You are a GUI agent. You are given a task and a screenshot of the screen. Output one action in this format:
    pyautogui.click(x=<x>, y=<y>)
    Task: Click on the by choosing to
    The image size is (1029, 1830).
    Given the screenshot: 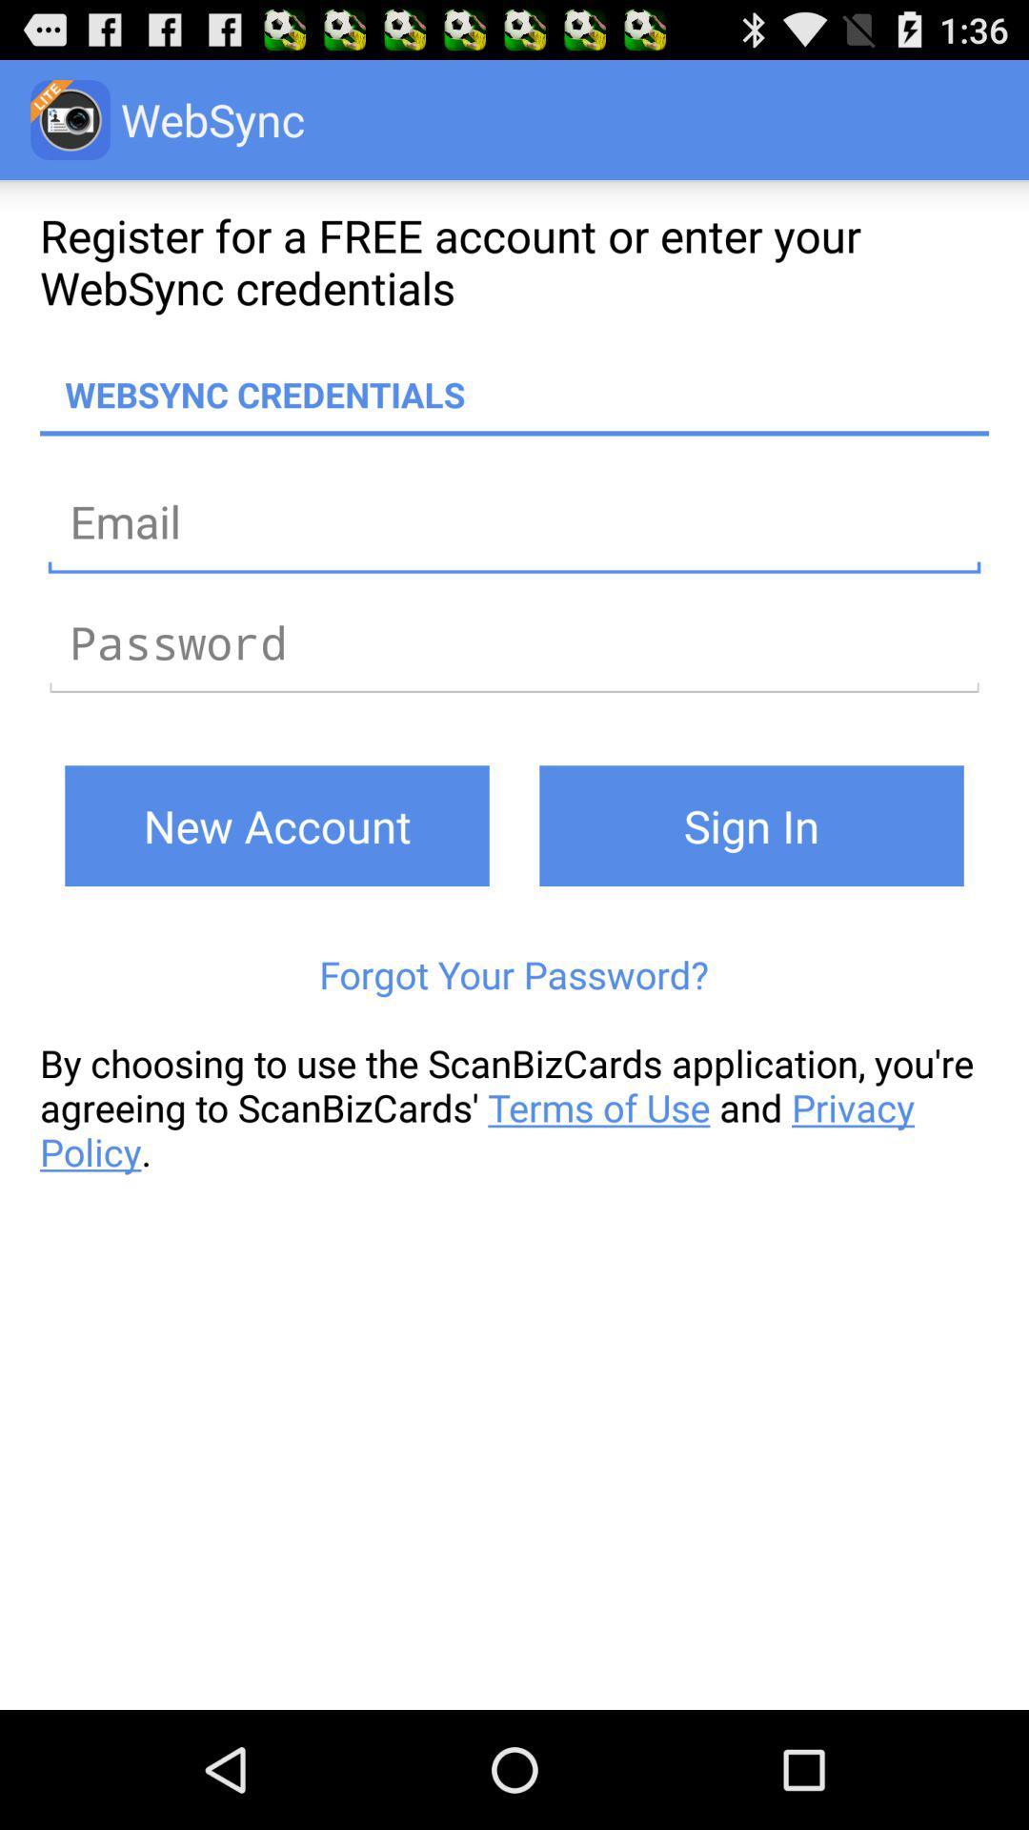 What is the action you would take?
    pyautogui.click(x=514, y=1108)
    